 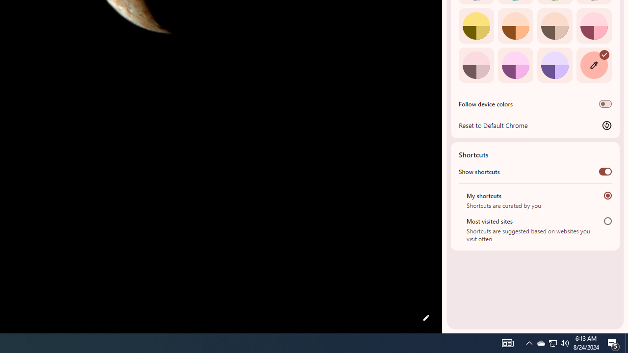 What do you see at coordinates (604, 54) in the screenshot?
I see `'AutomationID: svg'` at bounding box center [604, 54].